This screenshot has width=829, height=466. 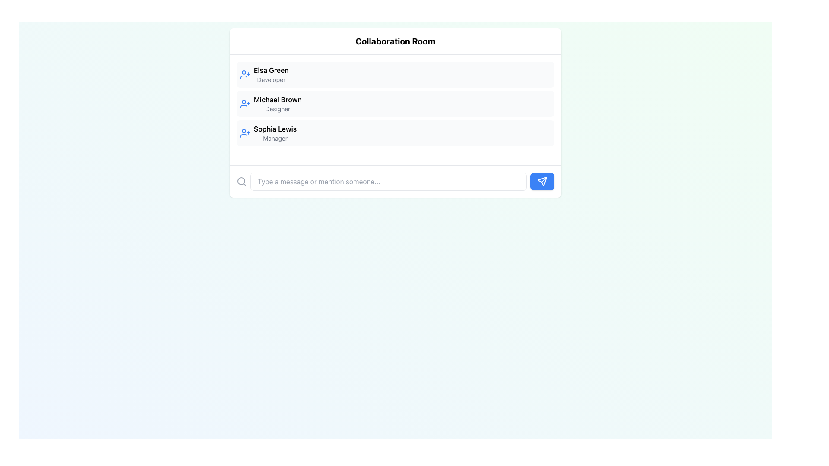 I want to click on the user profile entry, so click(x=395, y=103).